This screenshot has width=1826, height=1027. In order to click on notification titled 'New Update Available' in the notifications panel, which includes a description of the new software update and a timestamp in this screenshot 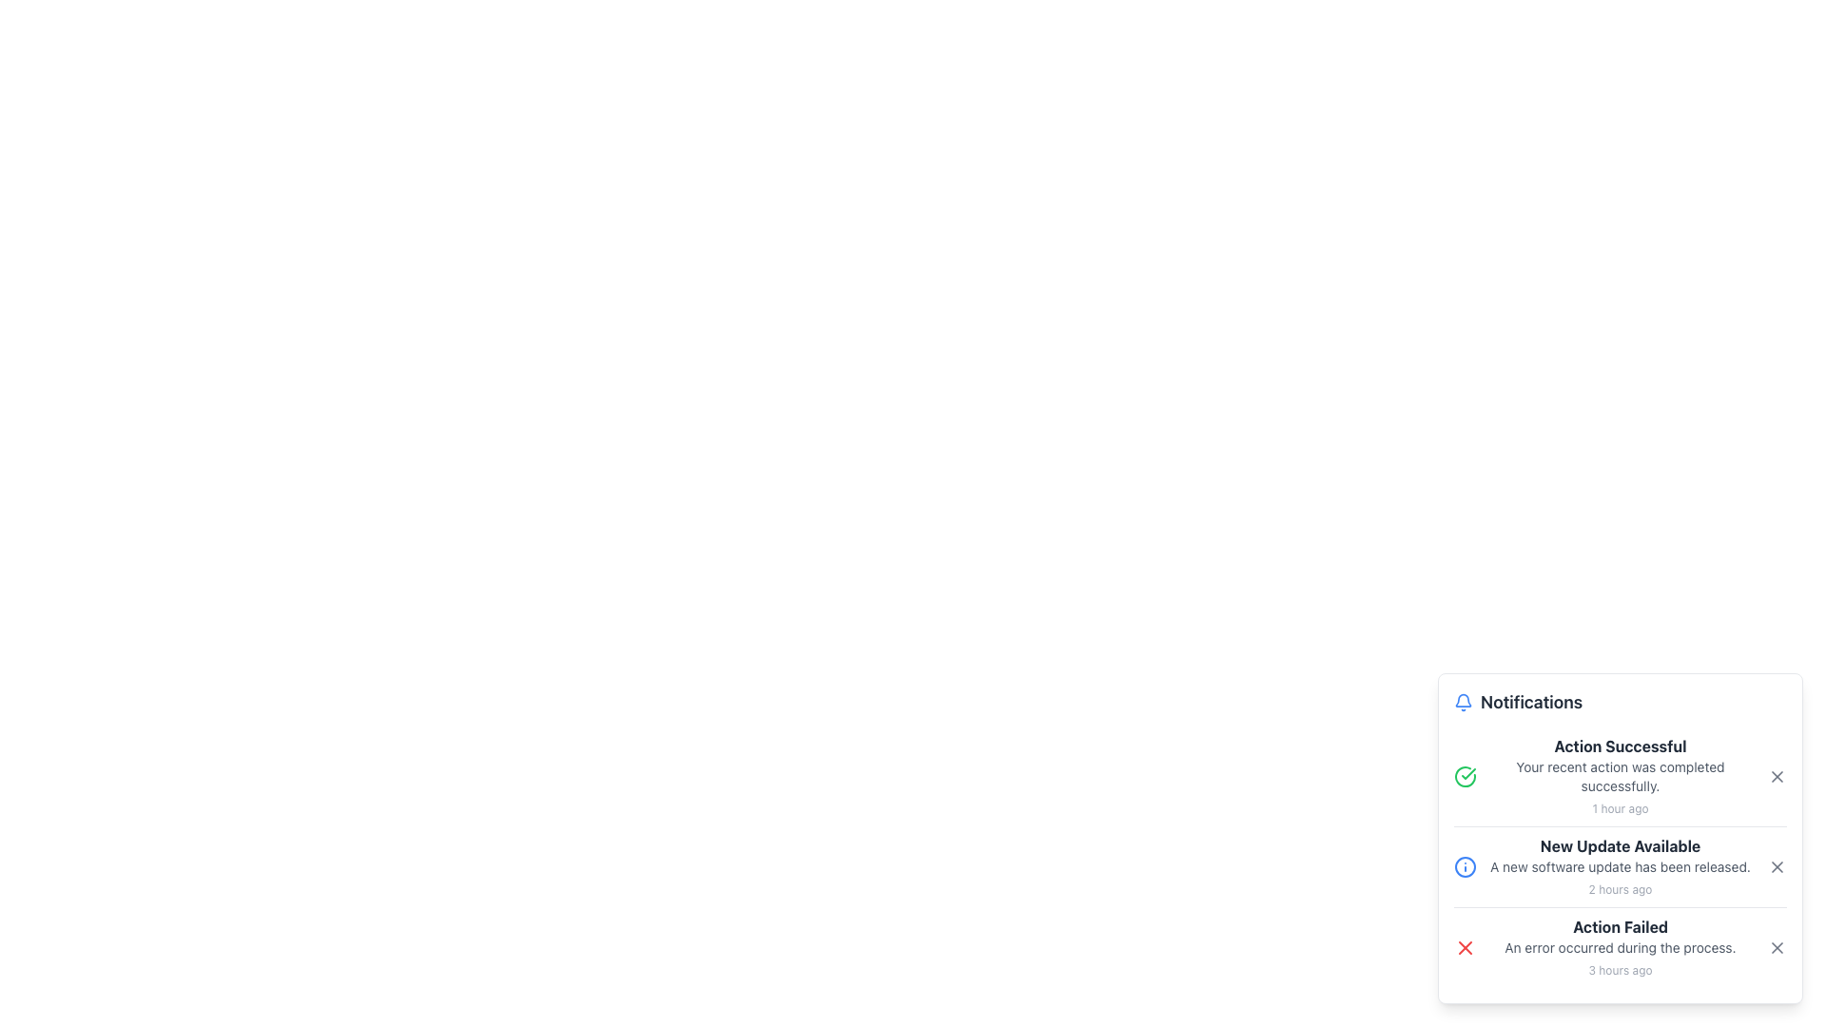, I will do `click(1620, 866)`.